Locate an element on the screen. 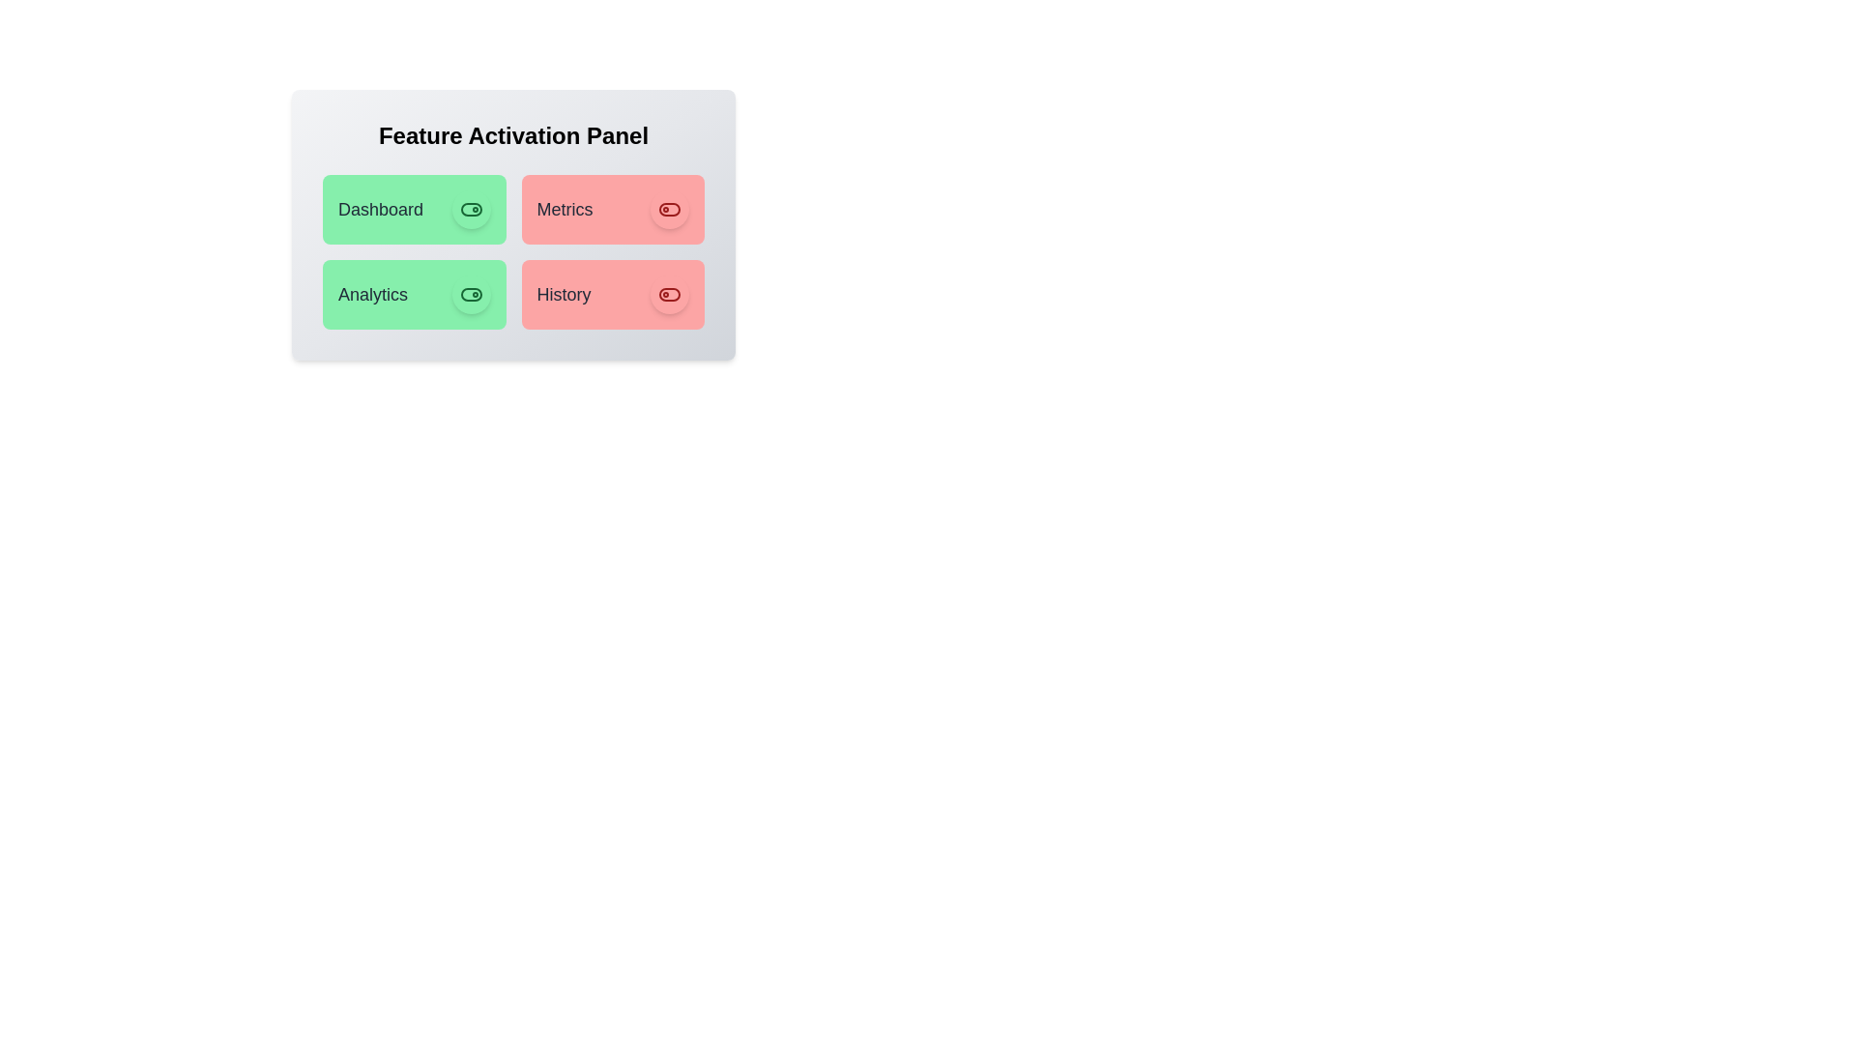 Image resolution: width=1856 pixels, height=1044 pixels. the feature card for History to observe its hover effect is located at coordinates (612, 294).